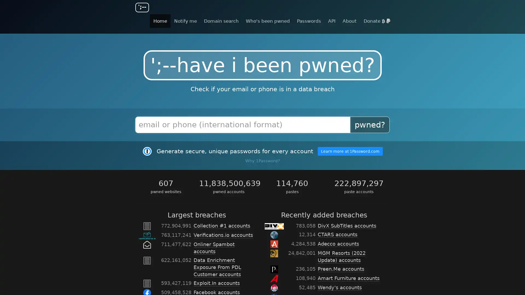 The height and width of the screenshot is (295, 525). What do you see at coordinates (370, 124) in the screenshot?
I see `pwned?` at bounding box center [370, 124].